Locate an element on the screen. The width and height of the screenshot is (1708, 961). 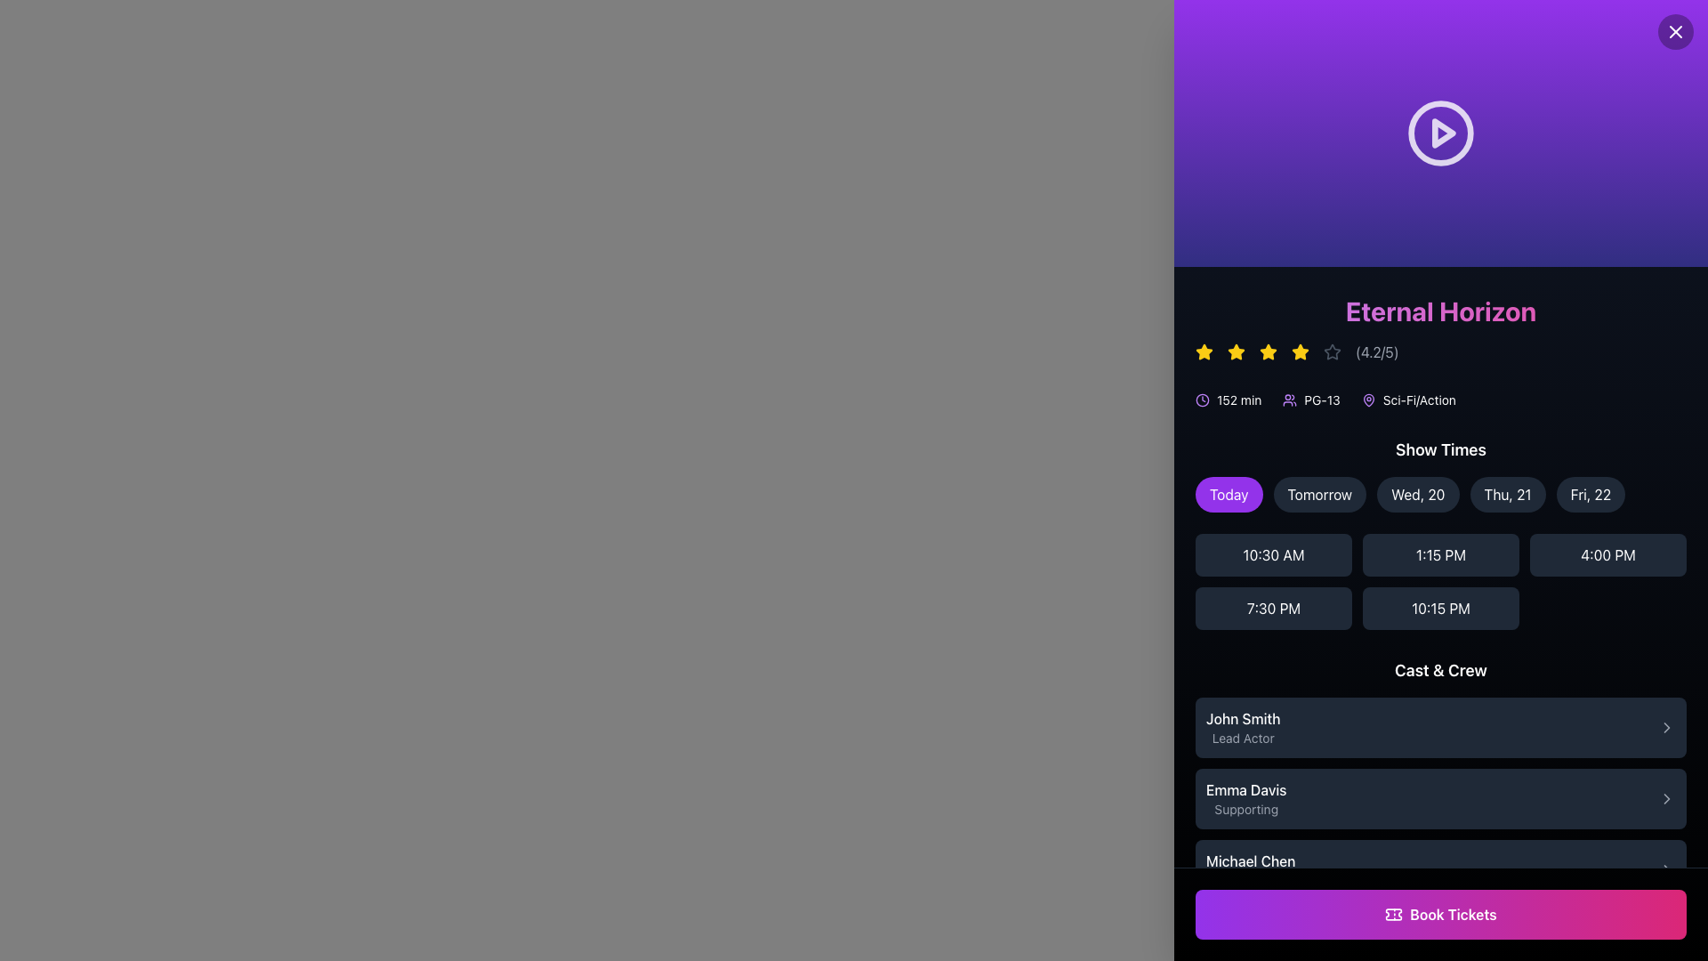
the button in the horizontally arranged row of selectable date options labeled with dates such as 'Today', 'Tomorrow', and specific days is located at coordinates (1441, 497).